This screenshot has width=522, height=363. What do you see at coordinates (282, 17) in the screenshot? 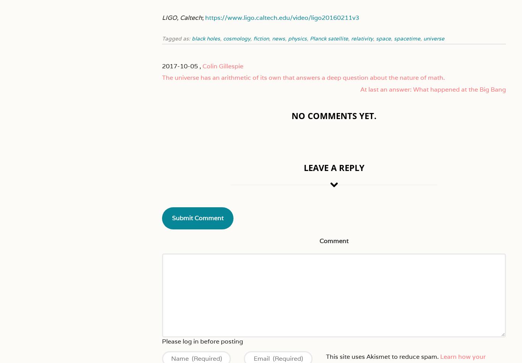
I see `'https://www.ligo.caltech.edu/video/ligo20160211v3'` at bounding box center [282, 17].